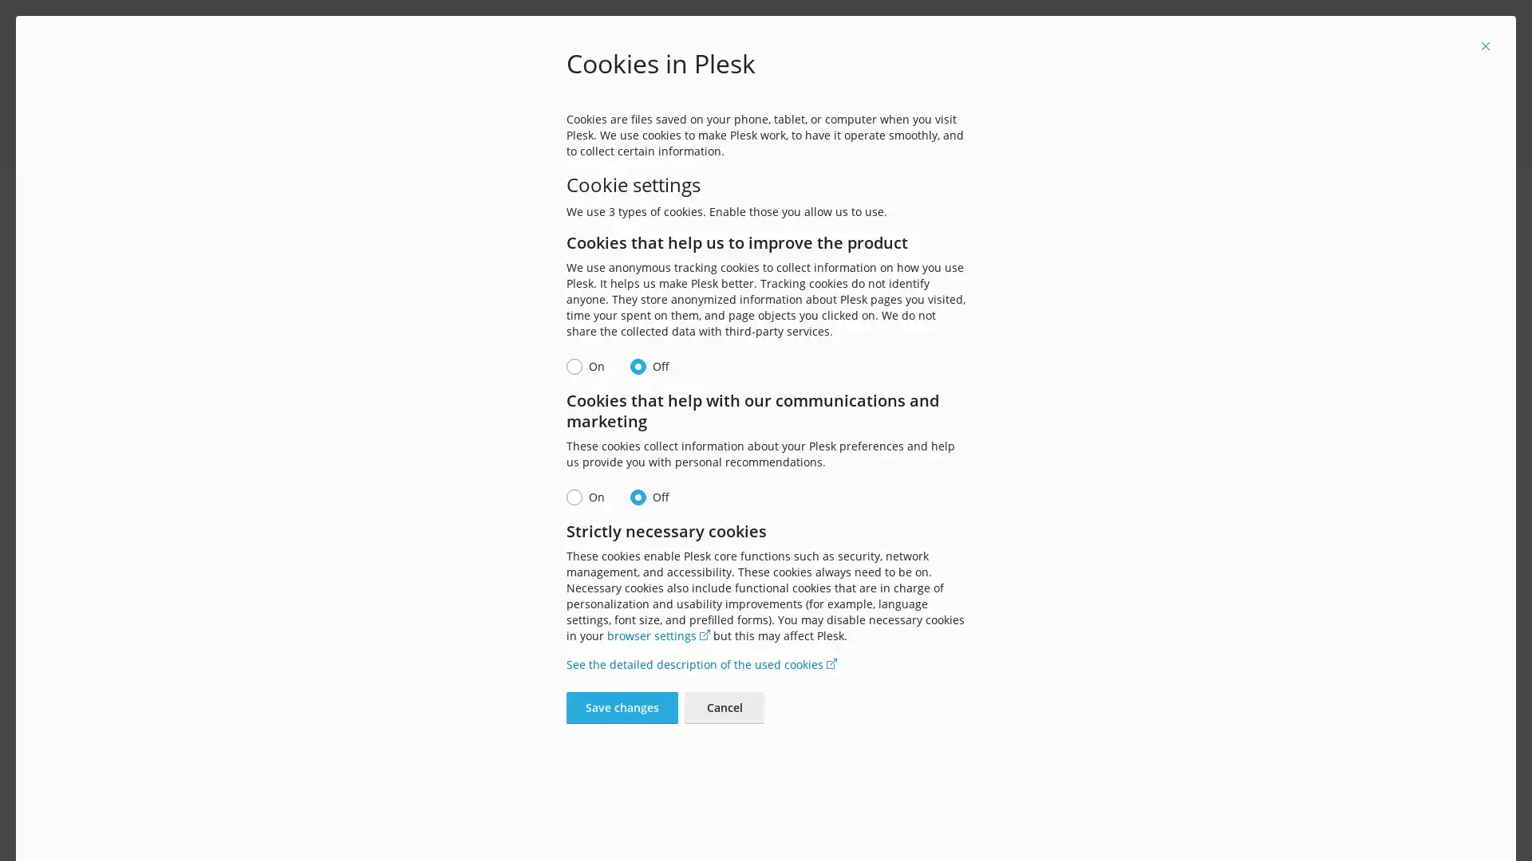 This screenshot has height=861, width=1532. Describe the element at coordinates (715, 136) in the screenshot. I see `Accept necessary cookies` at that location.